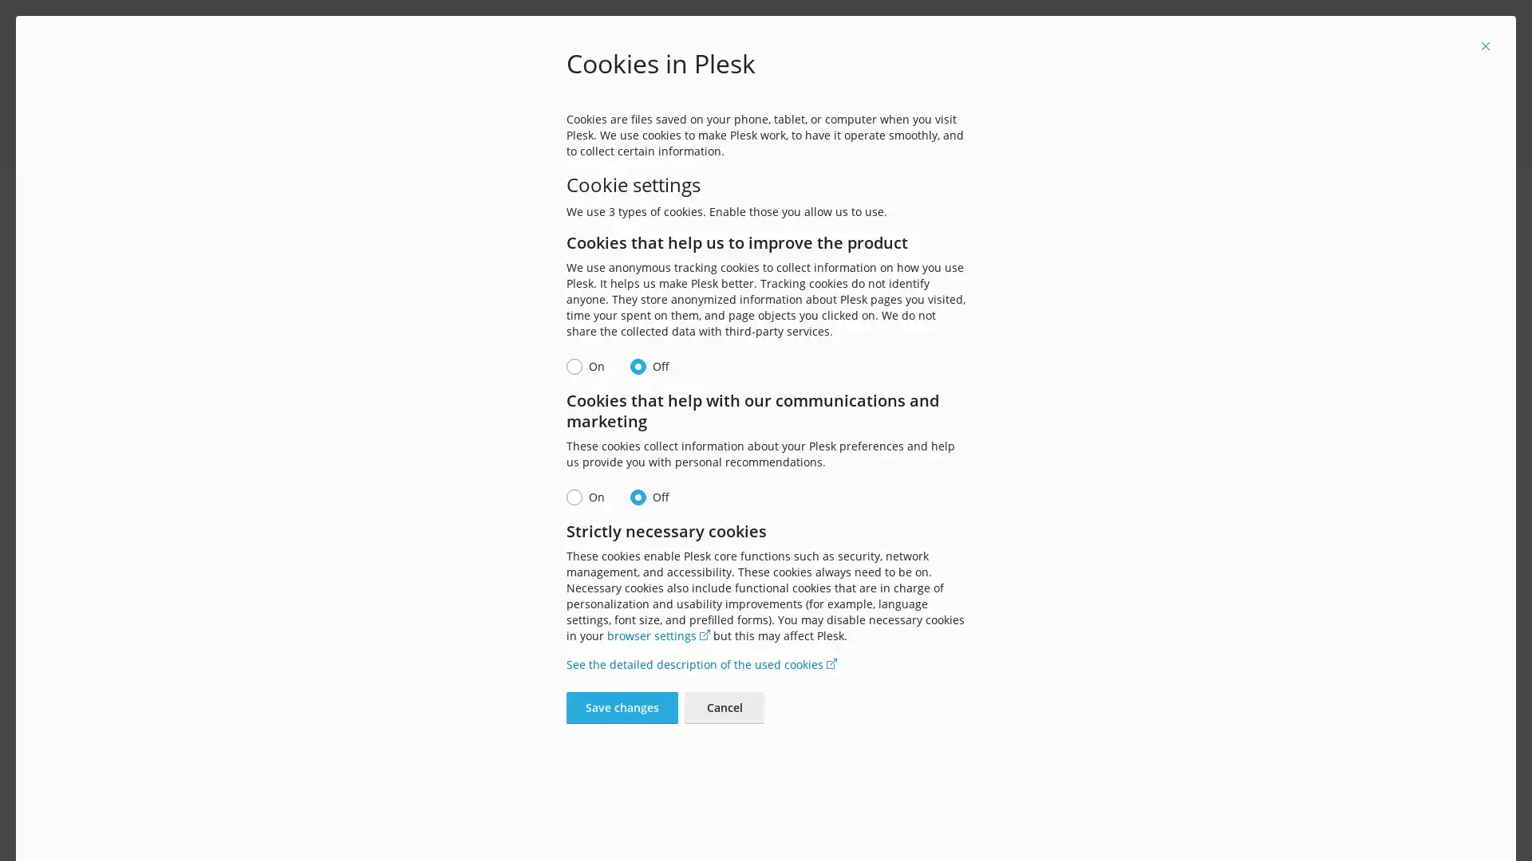 This screenshot has height=861, width=1532. Describe the element at coordinates (715, 136) in the screenshot. I see `Accept necessary cookies` at that location.